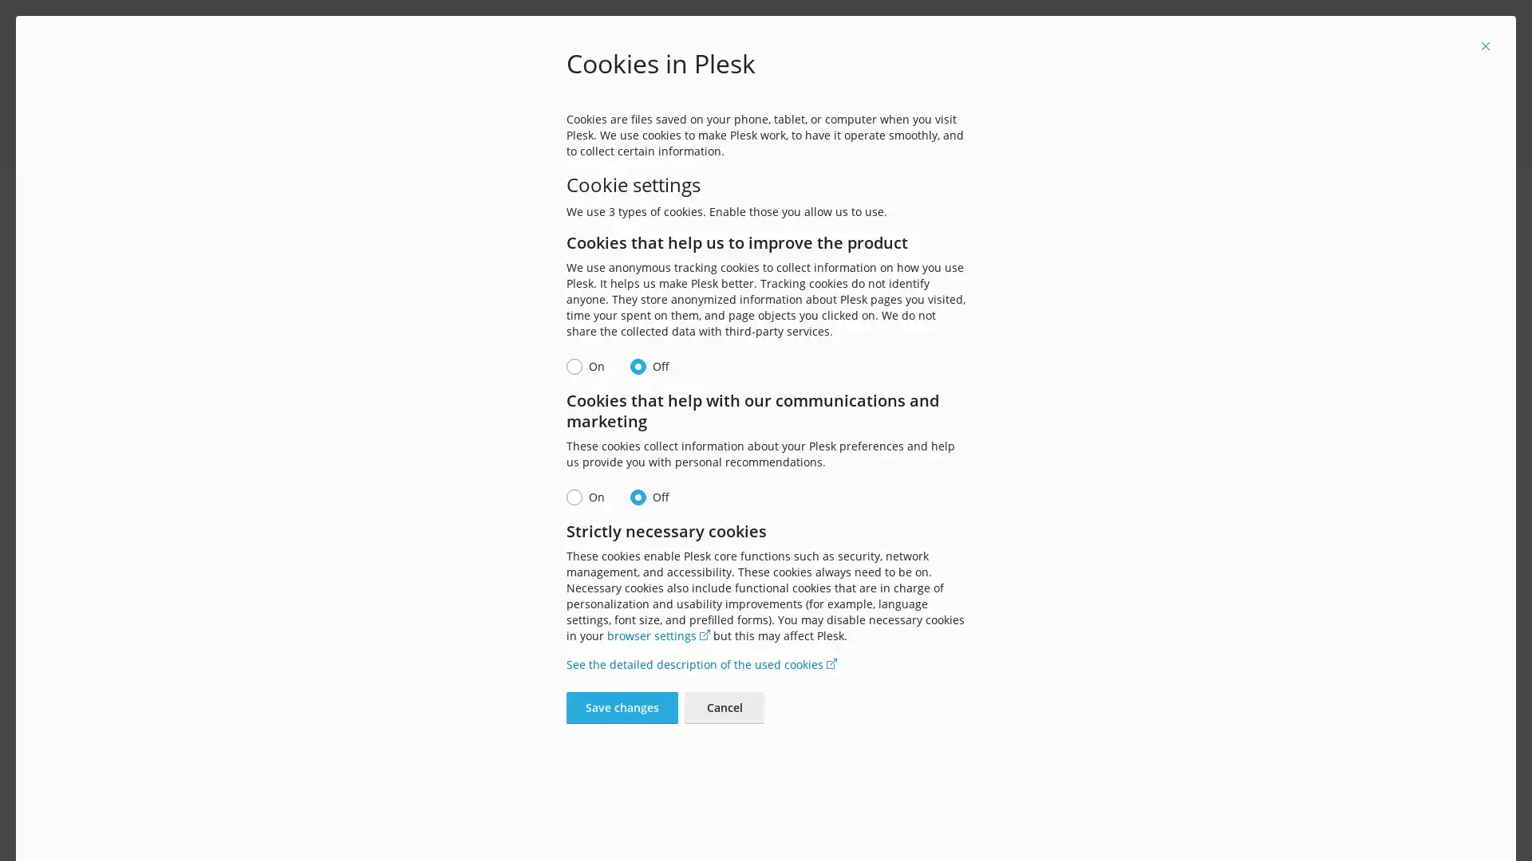 This screenshot has height=861, width=1532. Describe the element at coordinates (715, 136) in the screenshot. I see `Accept necessary cookies` at that location.